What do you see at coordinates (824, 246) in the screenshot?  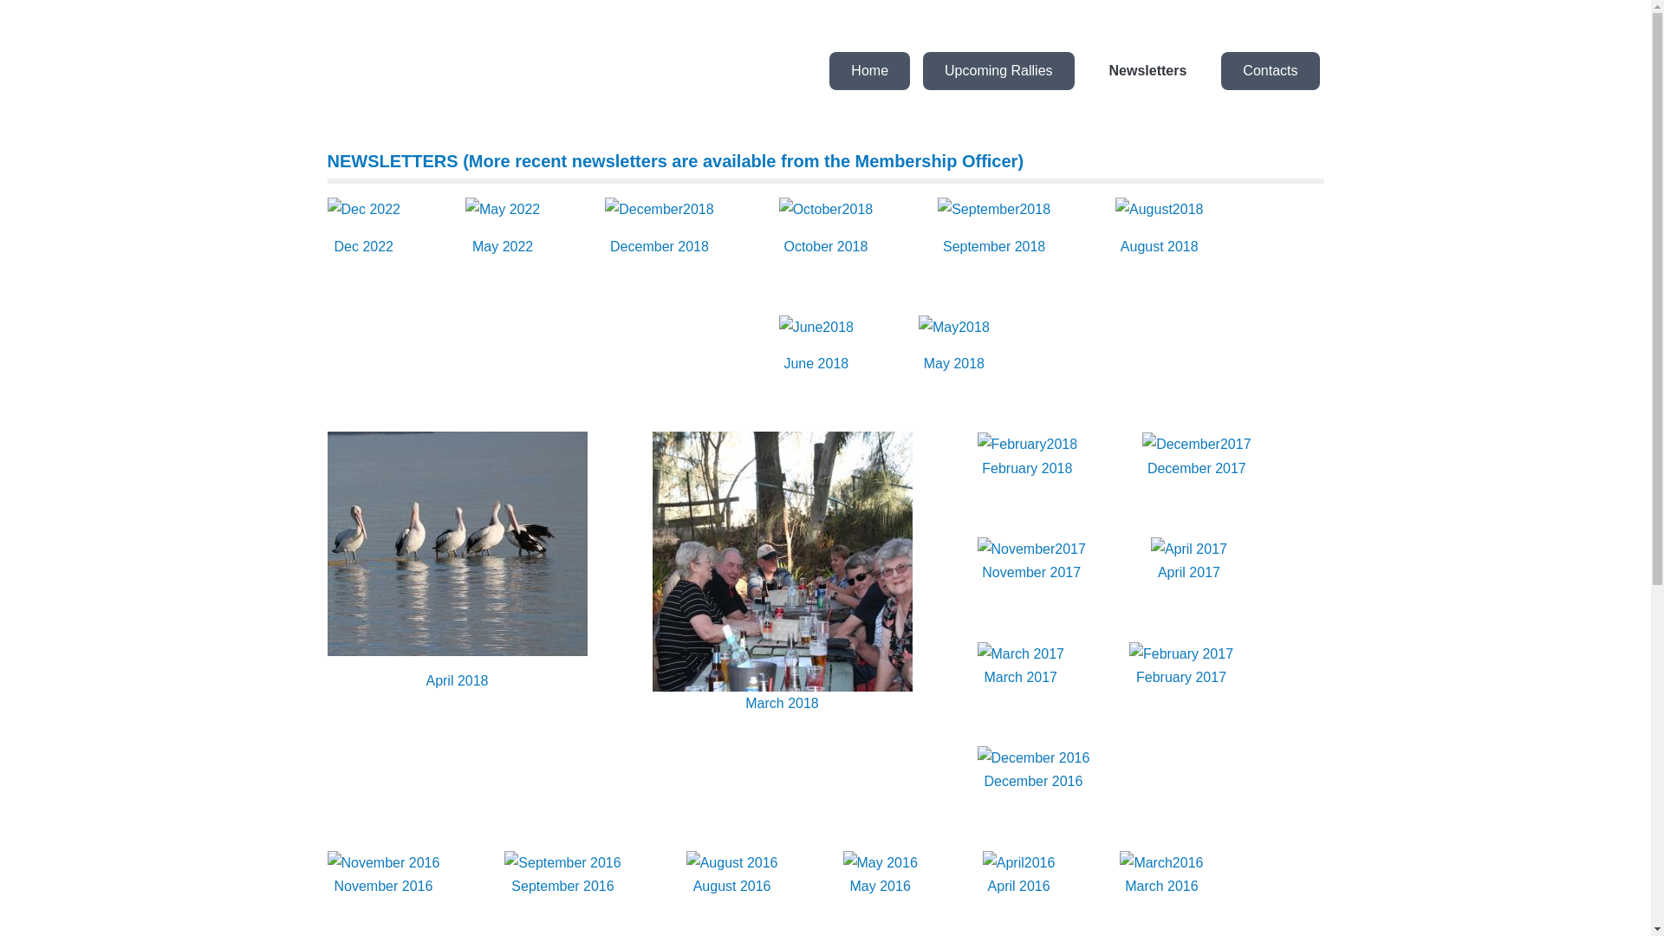 I see `'October 2018'` at bounding box center [824, 246].